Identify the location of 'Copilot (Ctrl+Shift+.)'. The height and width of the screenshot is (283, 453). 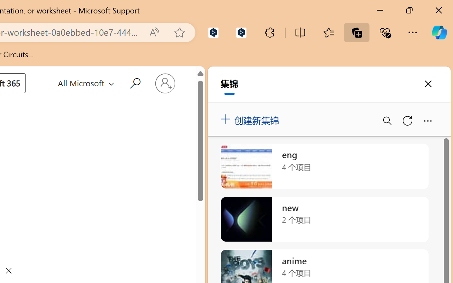
(439, 32).